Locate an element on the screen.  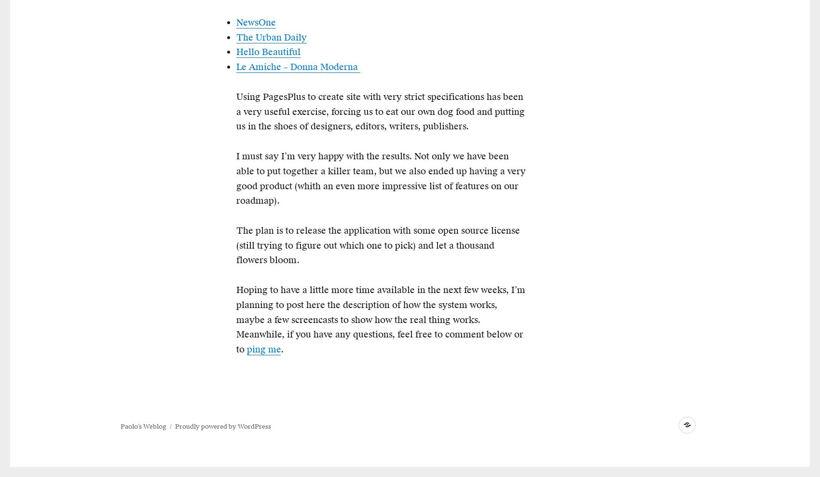
'Hello Beautiful' is located at coordinates (268, 52).